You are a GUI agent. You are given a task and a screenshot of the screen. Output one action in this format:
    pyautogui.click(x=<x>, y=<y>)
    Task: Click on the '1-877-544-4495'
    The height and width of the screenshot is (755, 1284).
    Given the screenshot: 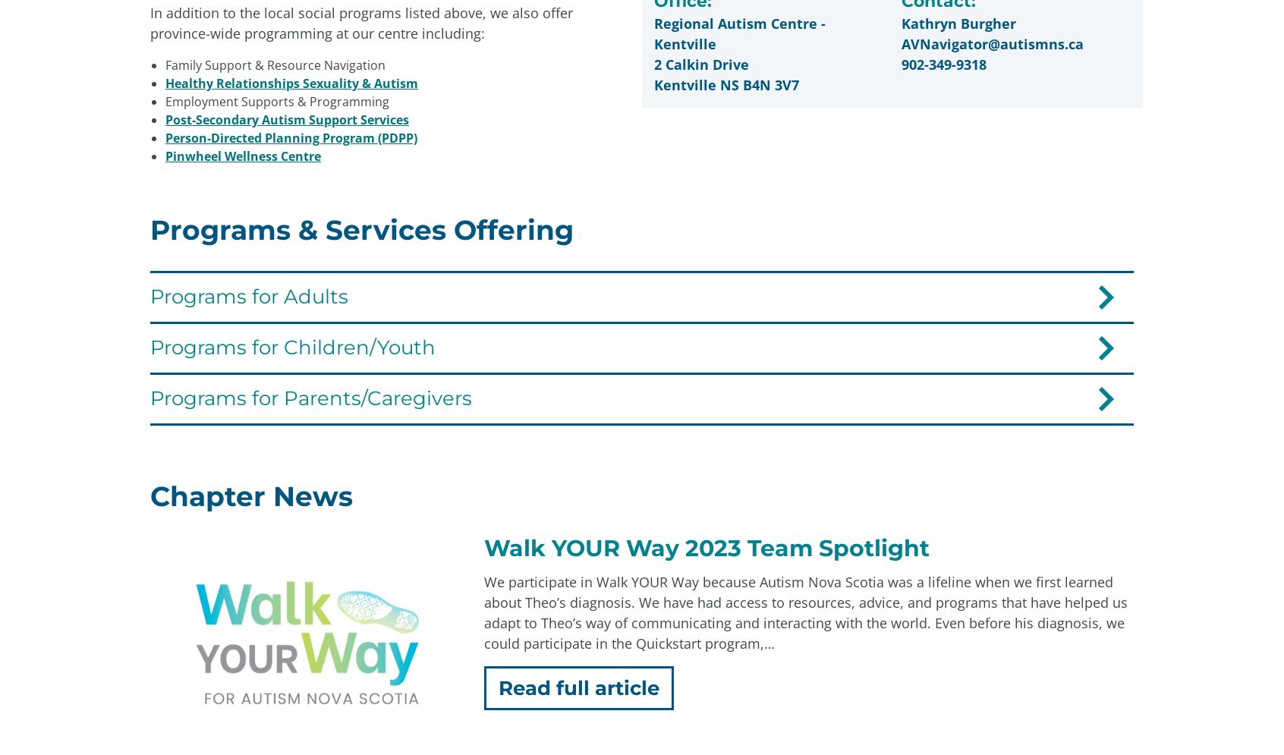 What is the action you would take?
    pyautogui.click(x=453, y=667)
    